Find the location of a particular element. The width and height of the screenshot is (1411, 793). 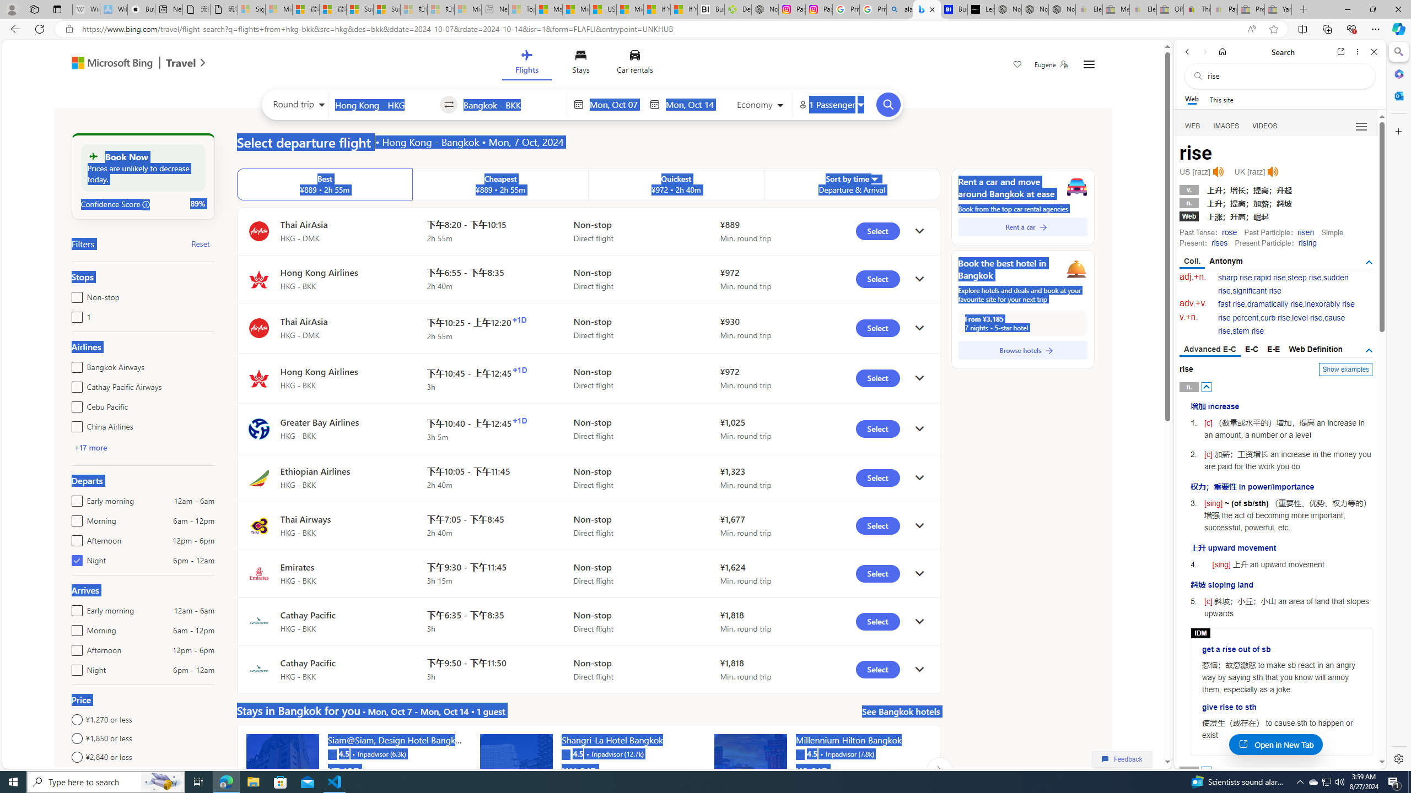

'stem rise' is located at coordinates (1247, 331).